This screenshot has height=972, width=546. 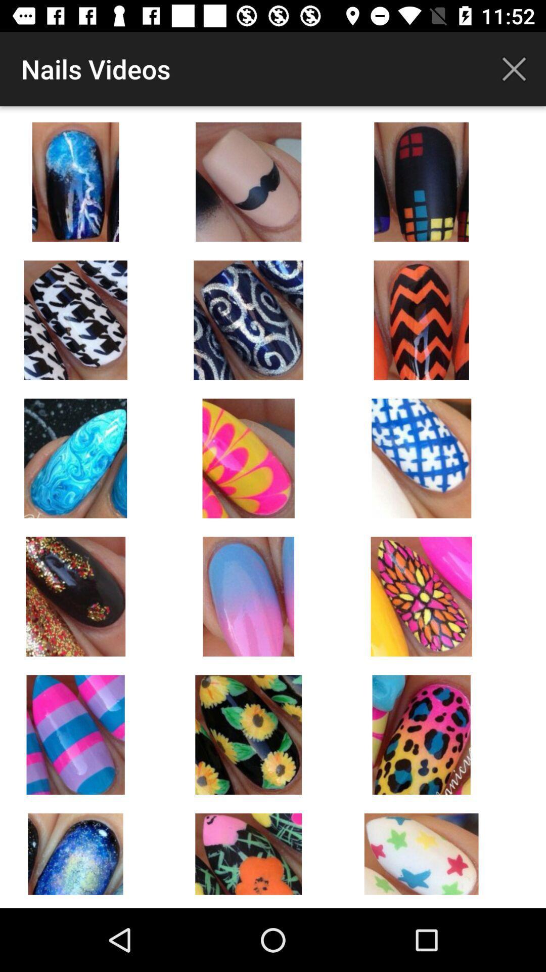 What do you see at coordinates (514, 68) in the screenshot?
I see `window` at bounding box center [514, 68].